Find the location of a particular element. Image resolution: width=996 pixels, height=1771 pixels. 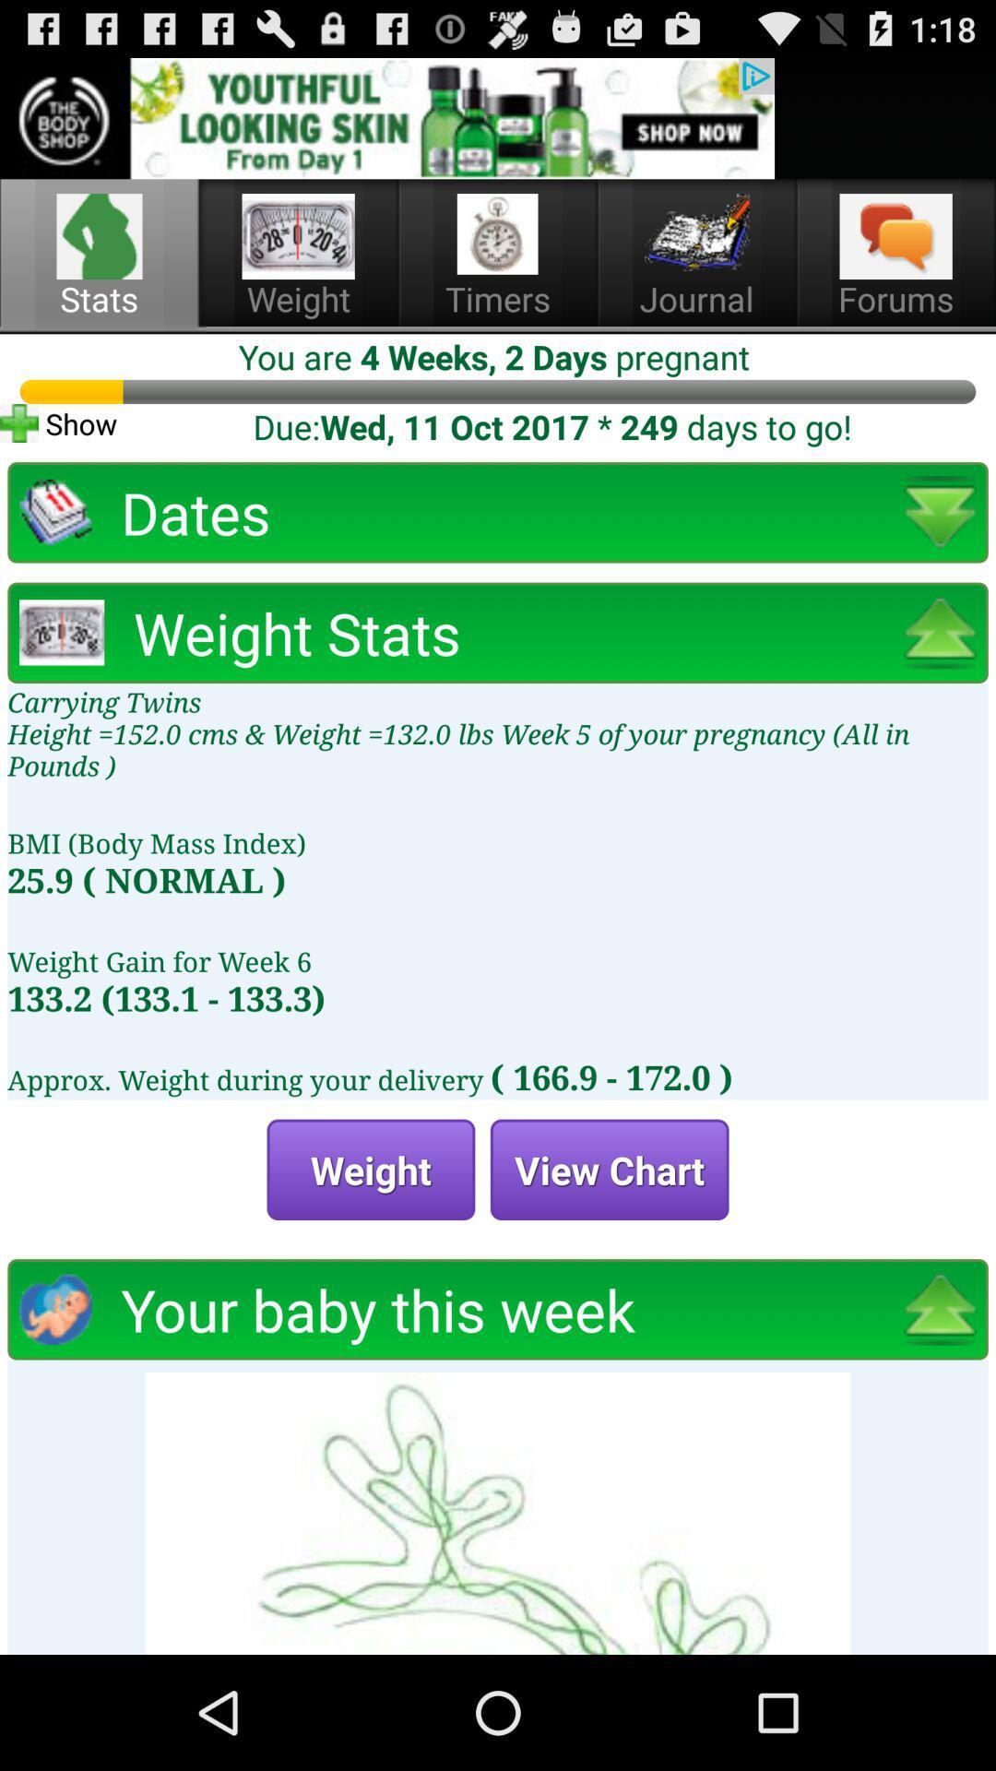

advertisement store is located at coordinates (386, 117).